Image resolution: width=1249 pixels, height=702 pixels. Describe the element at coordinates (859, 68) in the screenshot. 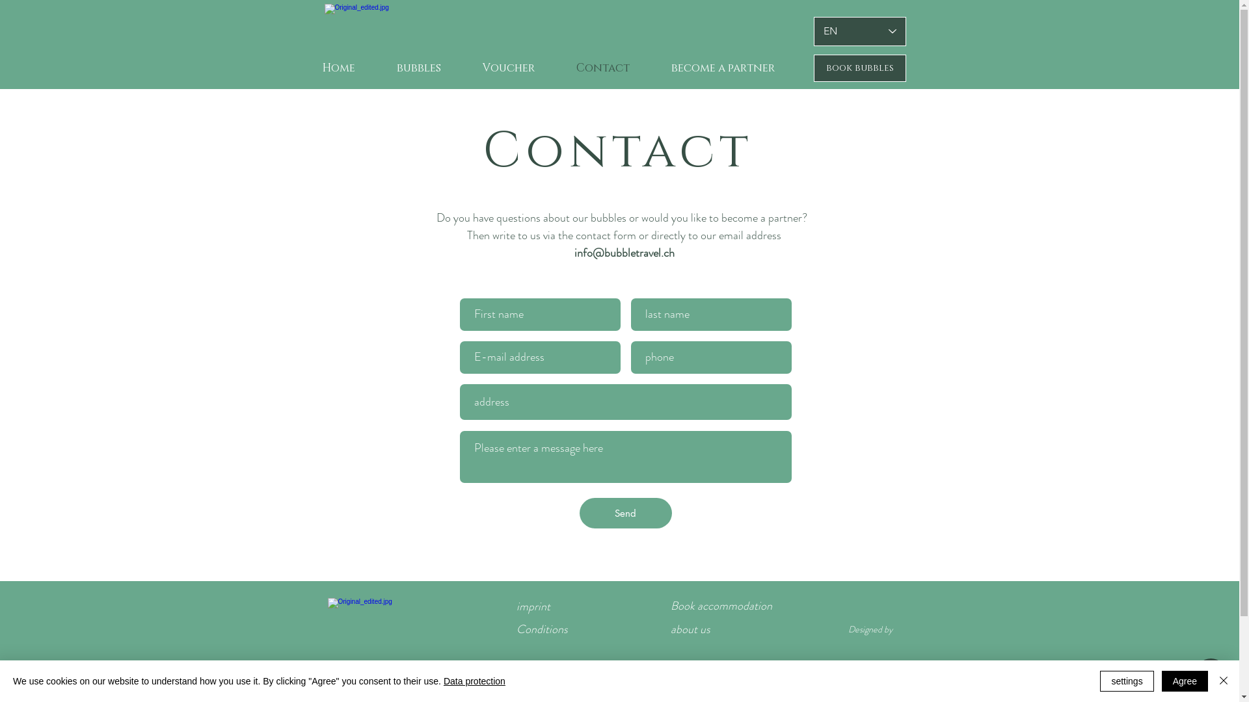

I see `'book bubbles'` at that location.